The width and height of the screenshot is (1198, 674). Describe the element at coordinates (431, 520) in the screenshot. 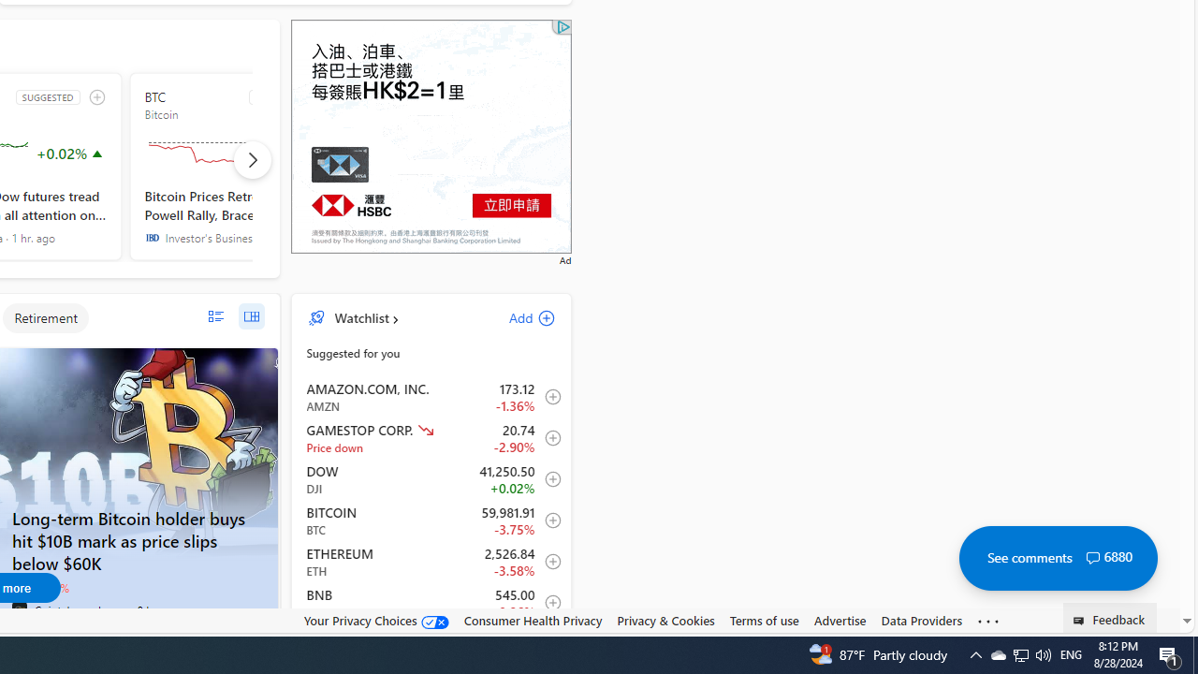

I see `'BTC Bitcoin decrease 59,981.91 -2,246.92 -3.75% item3'` at that location.